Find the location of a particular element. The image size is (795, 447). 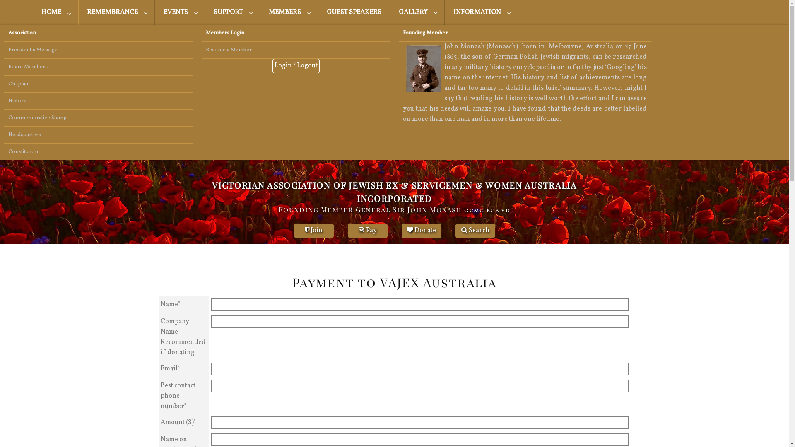

'GALLERY' is located at coordinates (417, 12).